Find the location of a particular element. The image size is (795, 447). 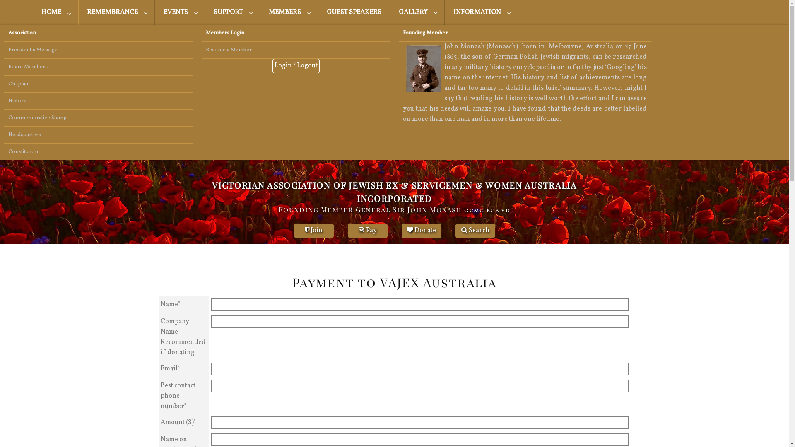

'GALLERY' is located at coordinates (417, 12).